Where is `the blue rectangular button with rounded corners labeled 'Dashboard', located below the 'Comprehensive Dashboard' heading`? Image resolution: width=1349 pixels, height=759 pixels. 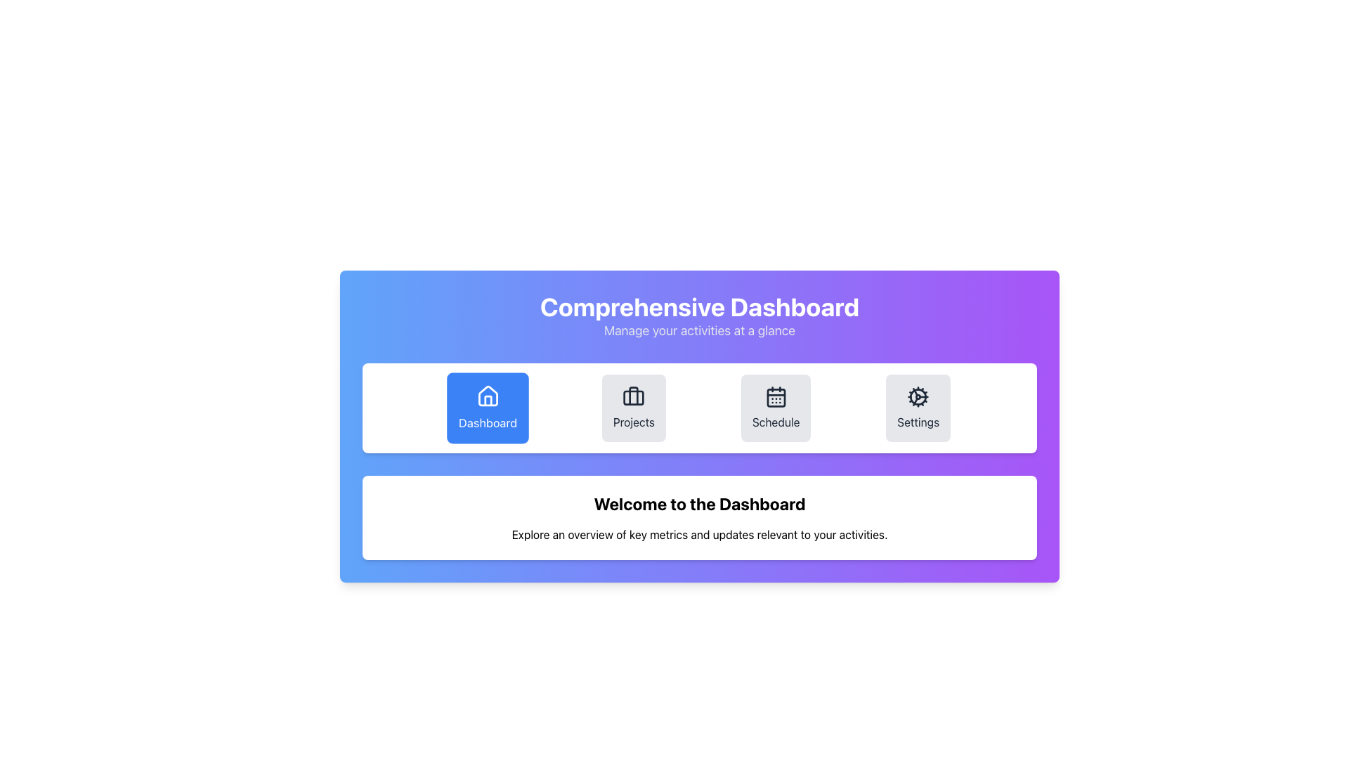
the blue rectangular button with rounded corners labeled 'Dashboard', located below the 'Comprehensive Dashboard' heading is located at coordinates (488, 408).